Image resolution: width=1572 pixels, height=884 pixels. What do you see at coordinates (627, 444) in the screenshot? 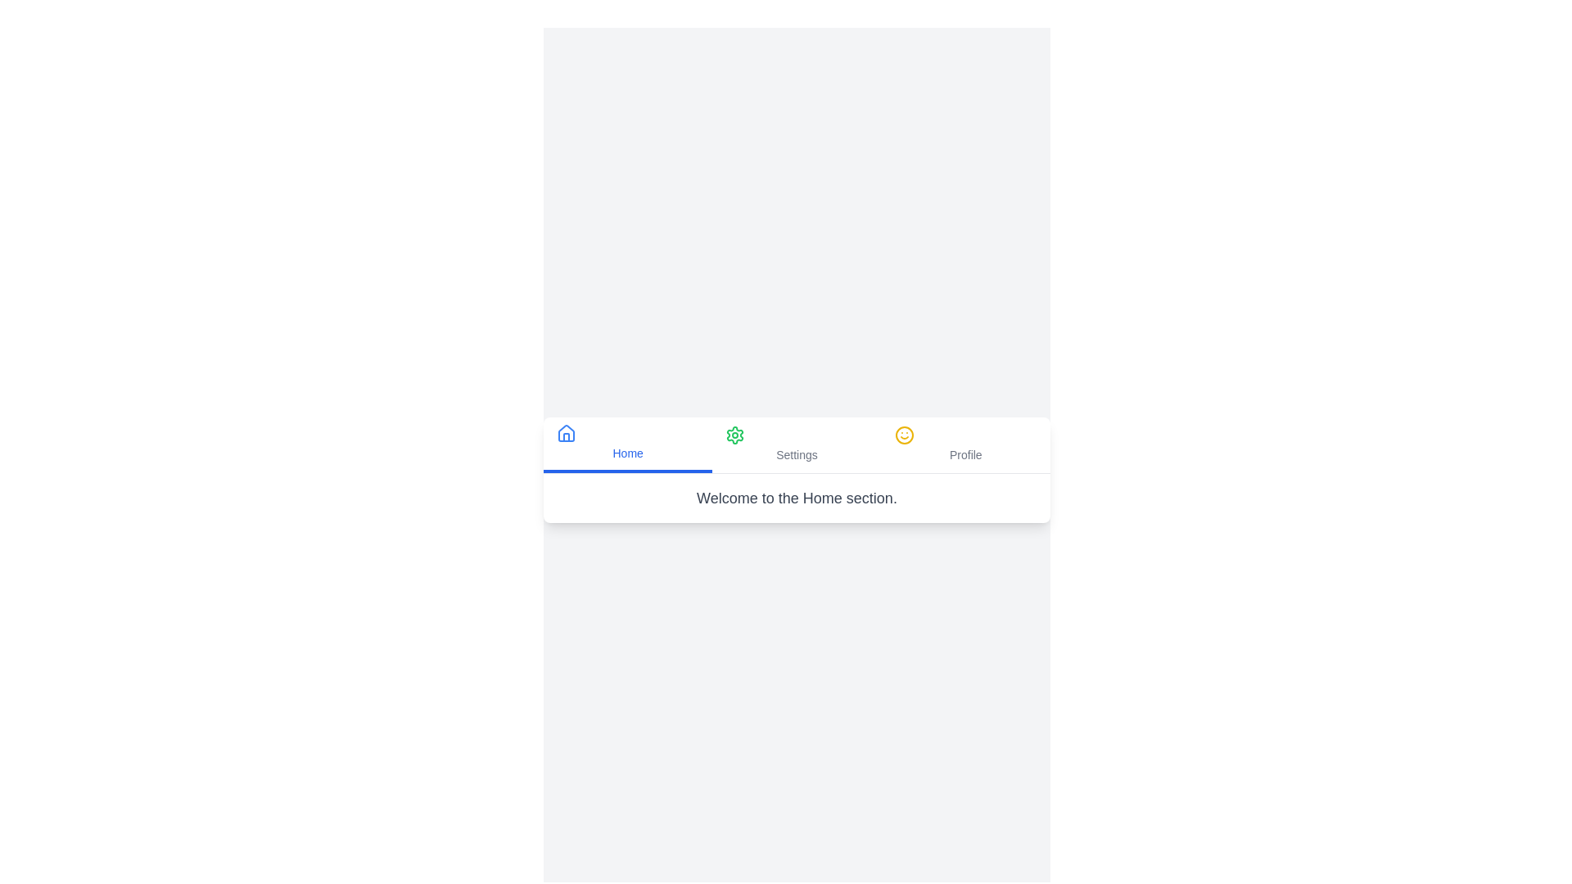
I see `the Home tab to view its content` at bounding box center [627, 444].